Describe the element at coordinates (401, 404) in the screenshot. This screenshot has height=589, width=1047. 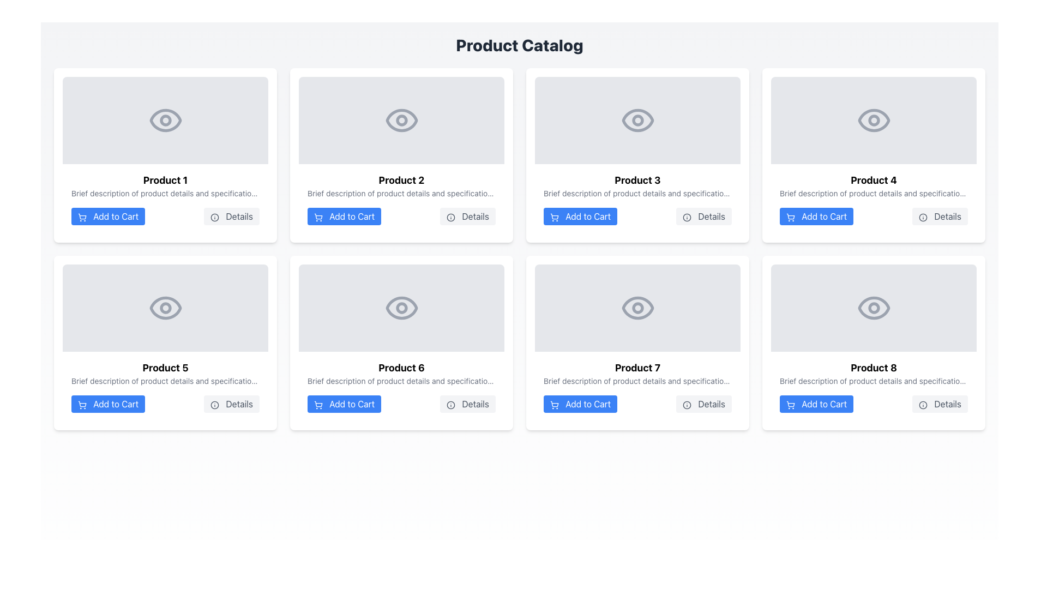
I see `the group of buttons within the product card for 'Product 6'` at that location.